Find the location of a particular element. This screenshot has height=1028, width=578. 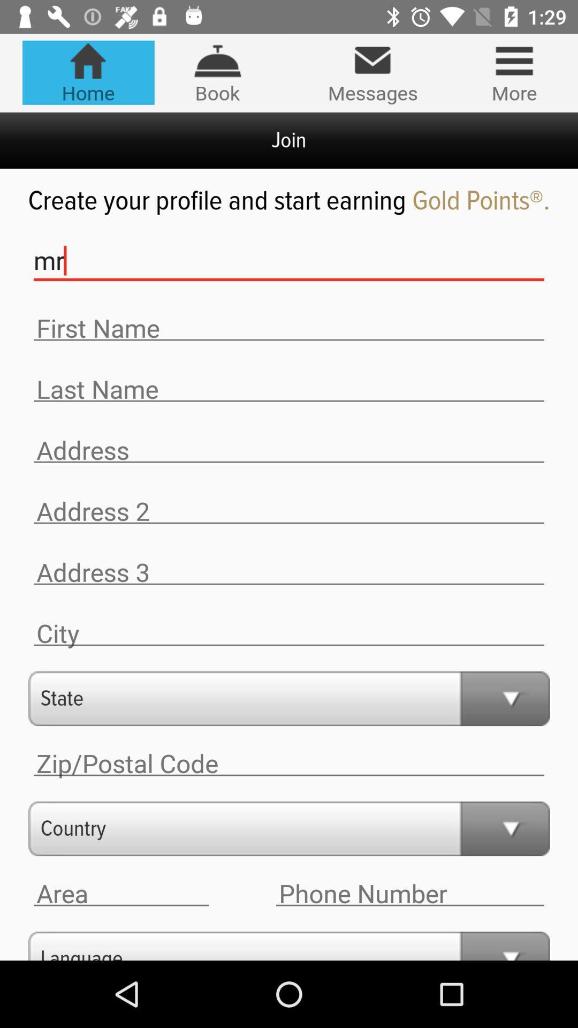

zip/postal code is located at coordinates (289, 763).